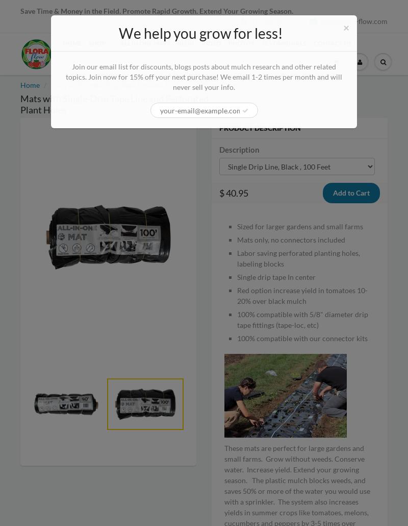 This screenshot has height=526, width=408. What do you see at coordinates (237, 295) in the screenshot?
I see `'Red option increase yield in tomatoes 10-20% over black mulch'` at bounding box center [237, 295].